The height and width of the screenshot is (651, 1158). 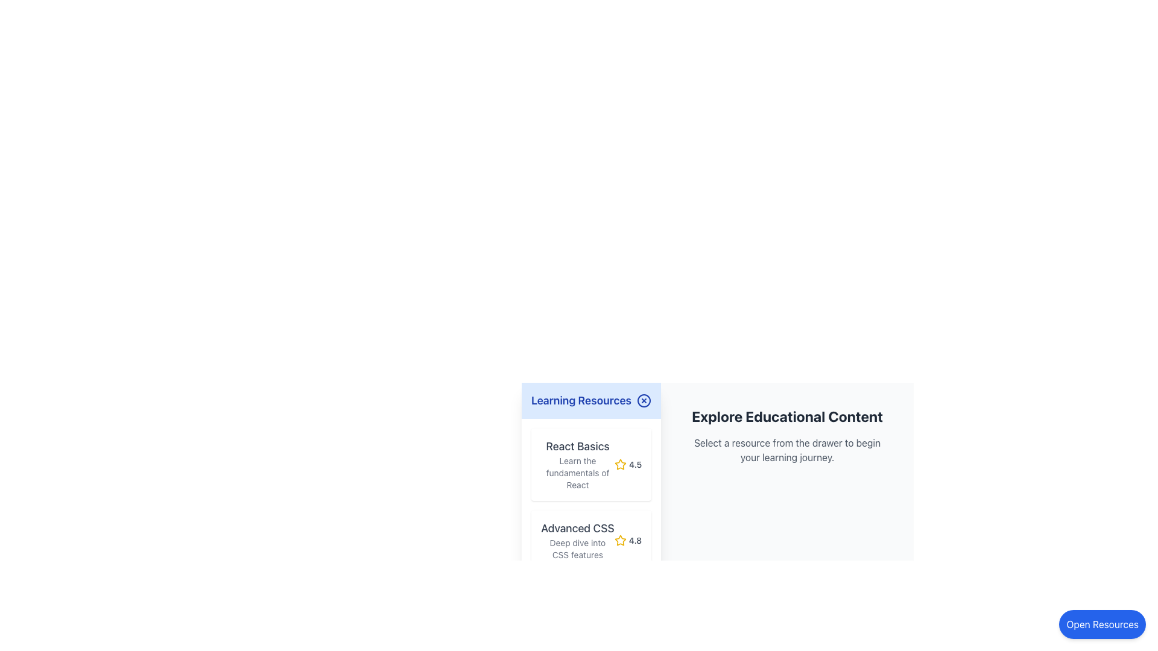 What do you see at coordinates (577, 464) in the screenshot?
I see `the title and description text block of the 'React Basics' resource in the Learning Resources section` at bounding box center [577, 464].